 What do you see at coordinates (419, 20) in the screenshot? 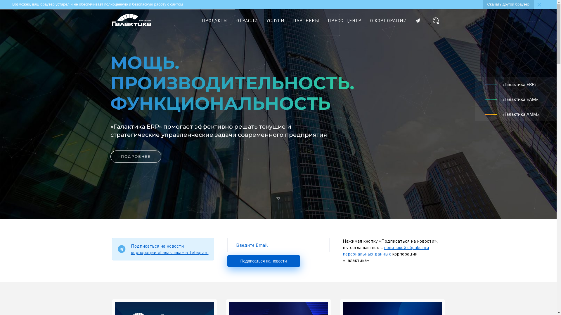
I see `' '` at bounding box center [419, 20].